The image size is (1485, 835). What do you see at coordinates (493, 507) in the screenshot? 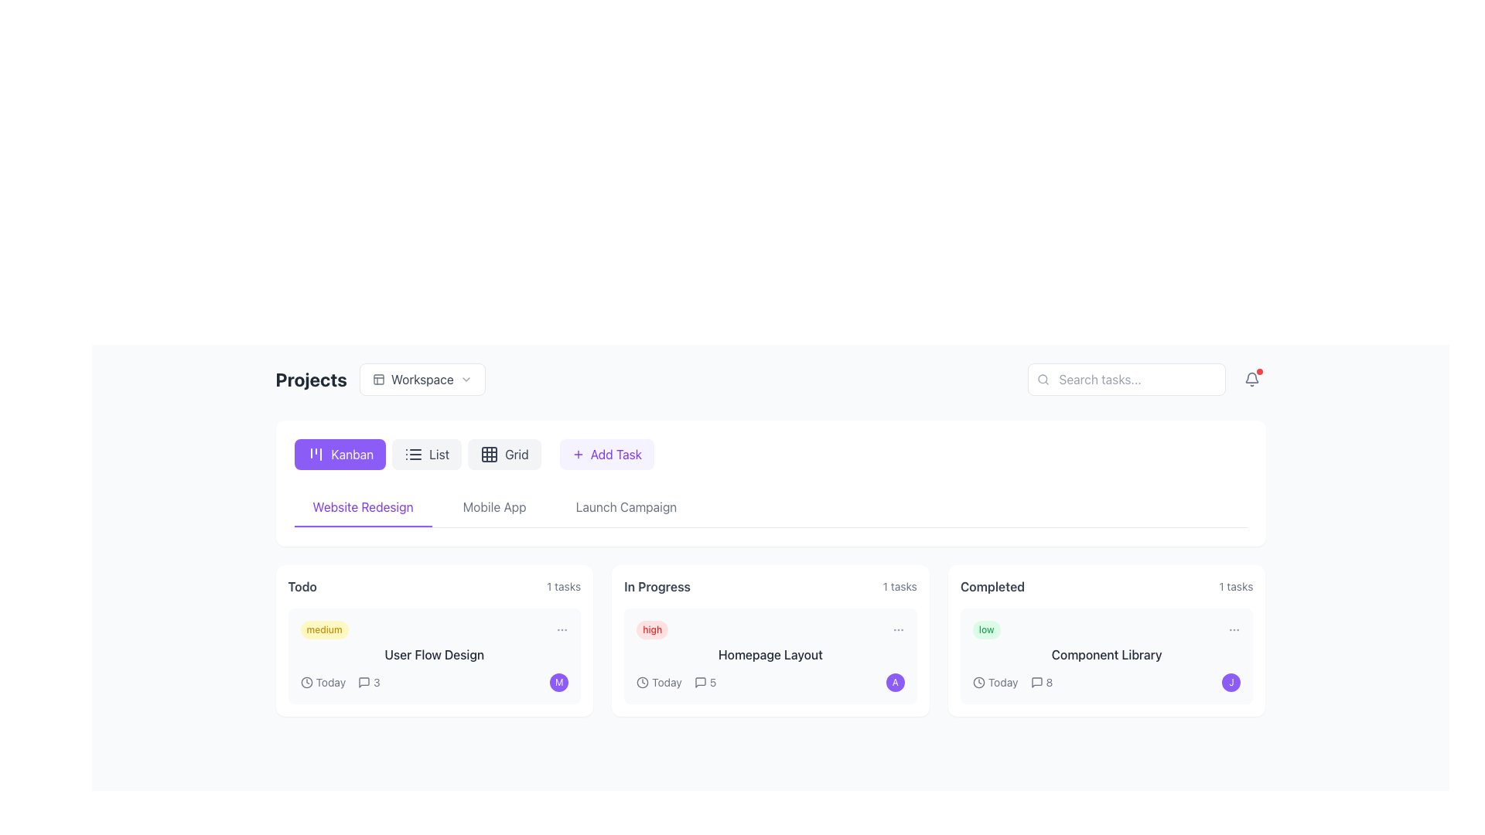
I see `the 'Mobile App' tab, the second tab in a row of three tabs below the 'Projects' label` at bounding box center [493, 507].